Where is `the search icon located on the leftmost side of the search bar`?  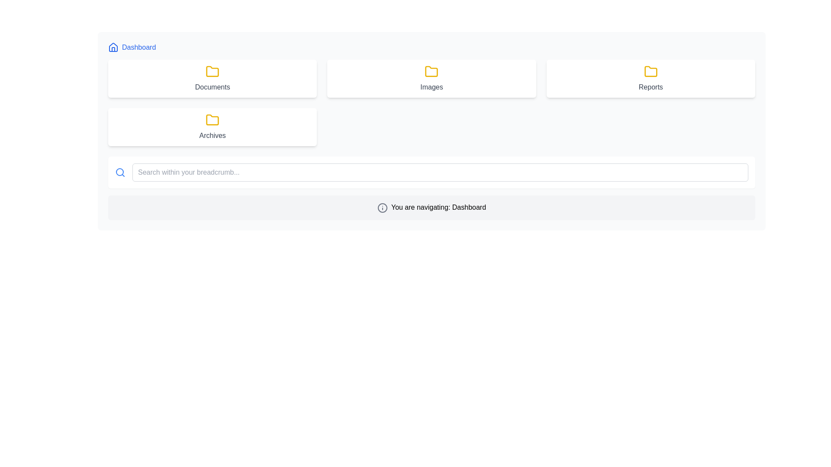 the search icon located on the leftmost side of the search bar is located at coordinates (120, 172).